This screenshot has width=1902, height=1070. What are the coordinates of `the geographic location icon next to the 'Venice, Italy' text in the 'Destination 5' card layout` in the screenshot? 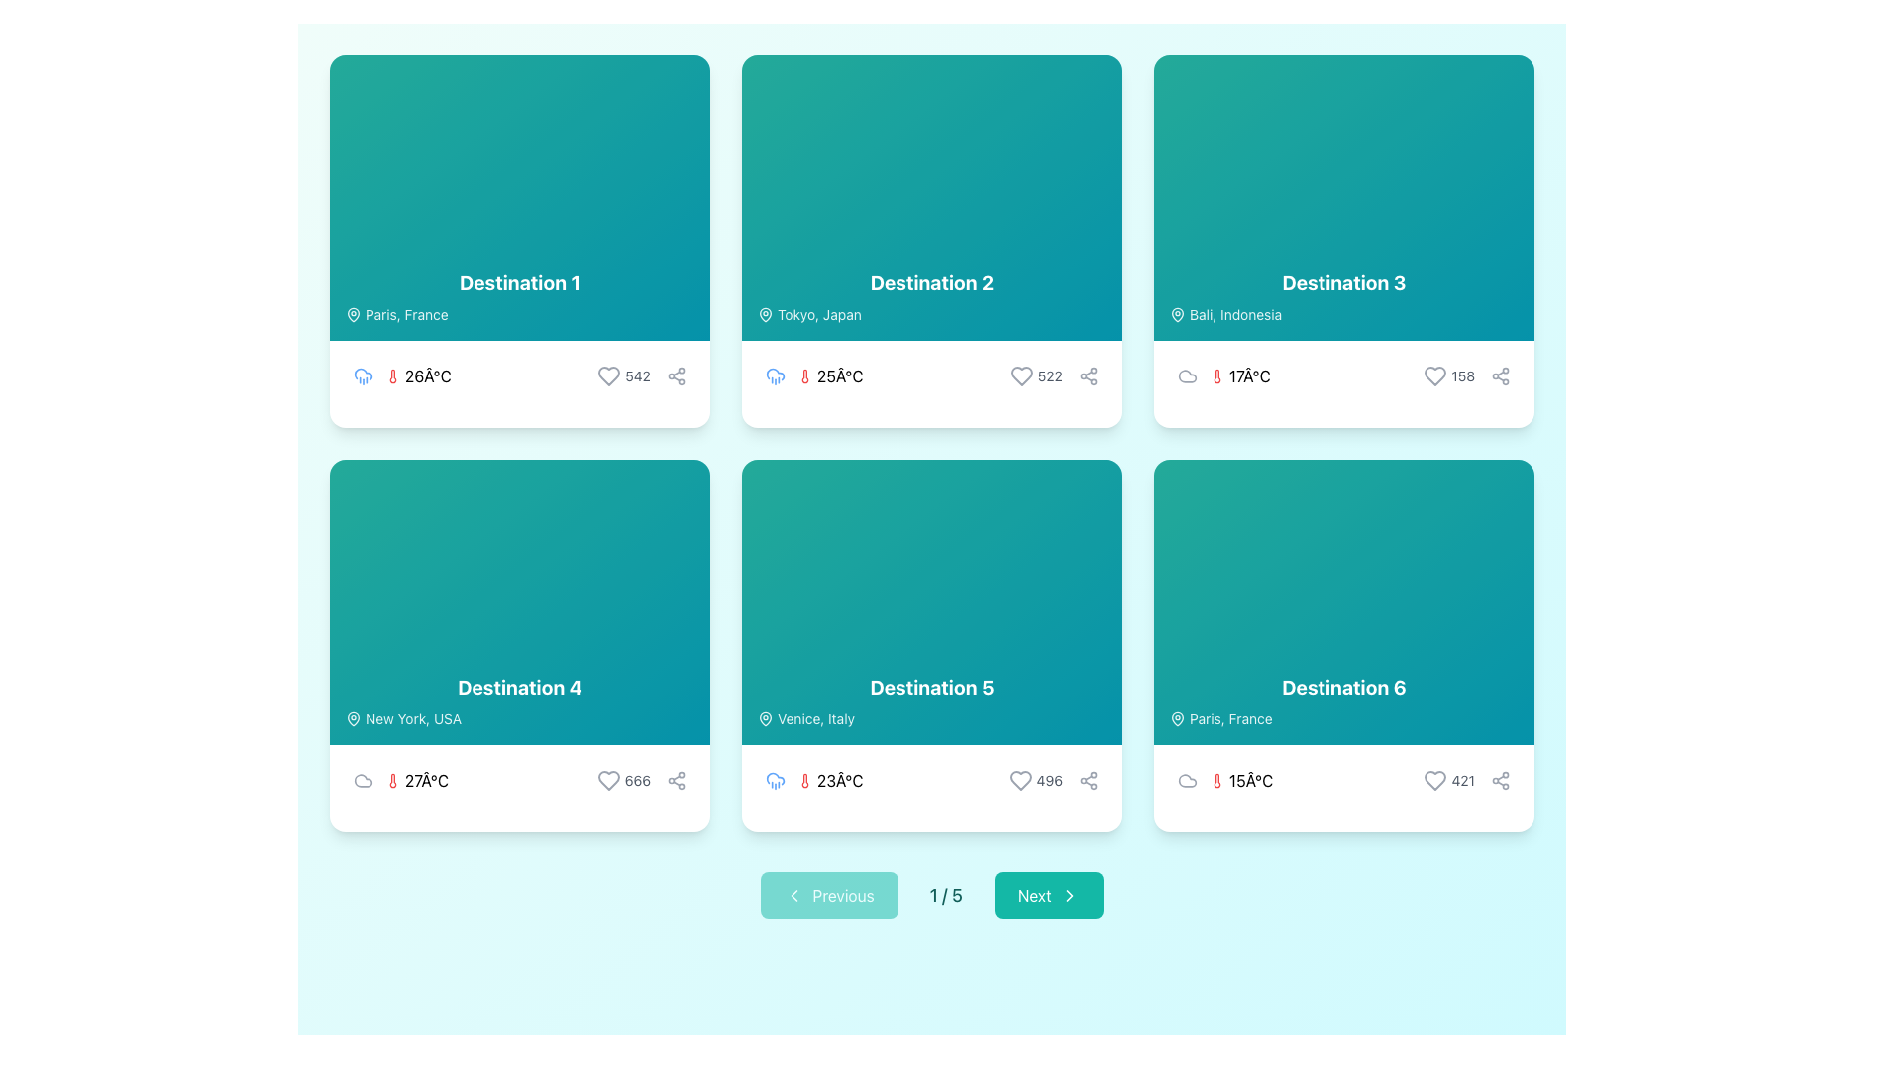 It's located at (764, 718).